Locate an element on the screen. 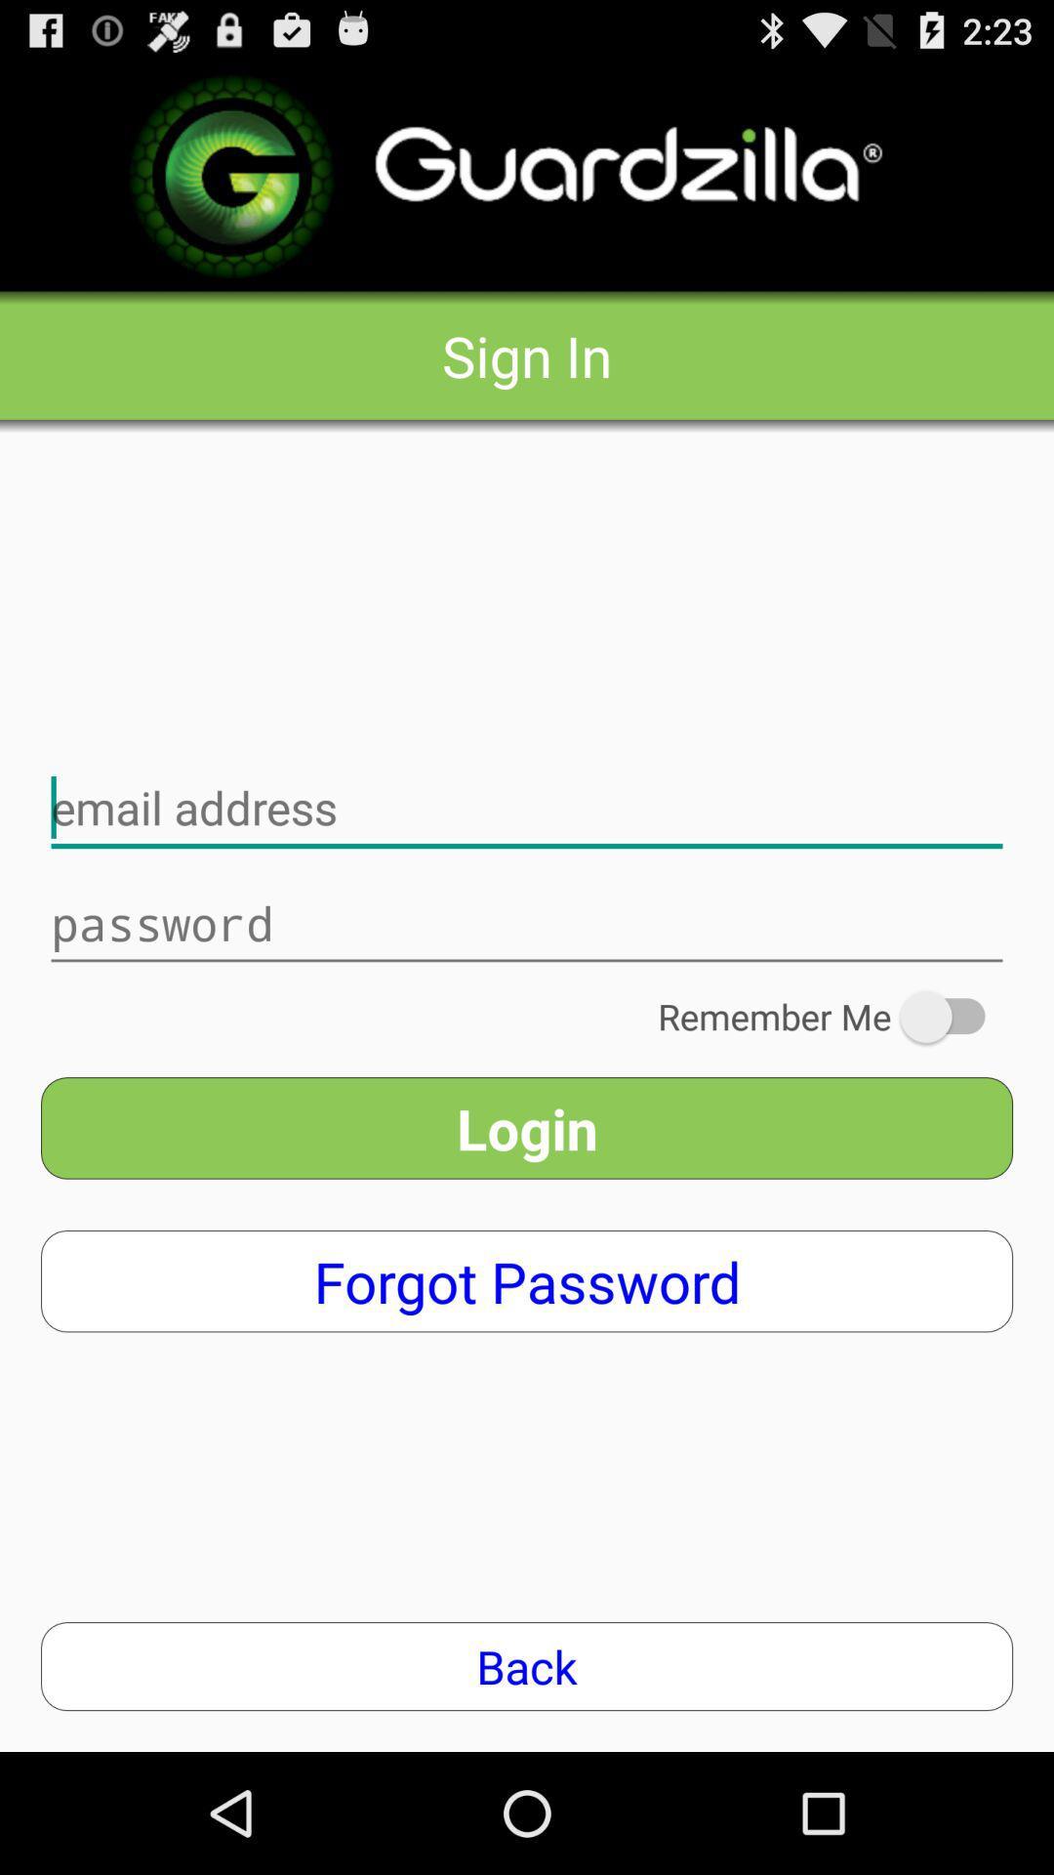  the app below forgot password is located at coordinates (527, 1665).